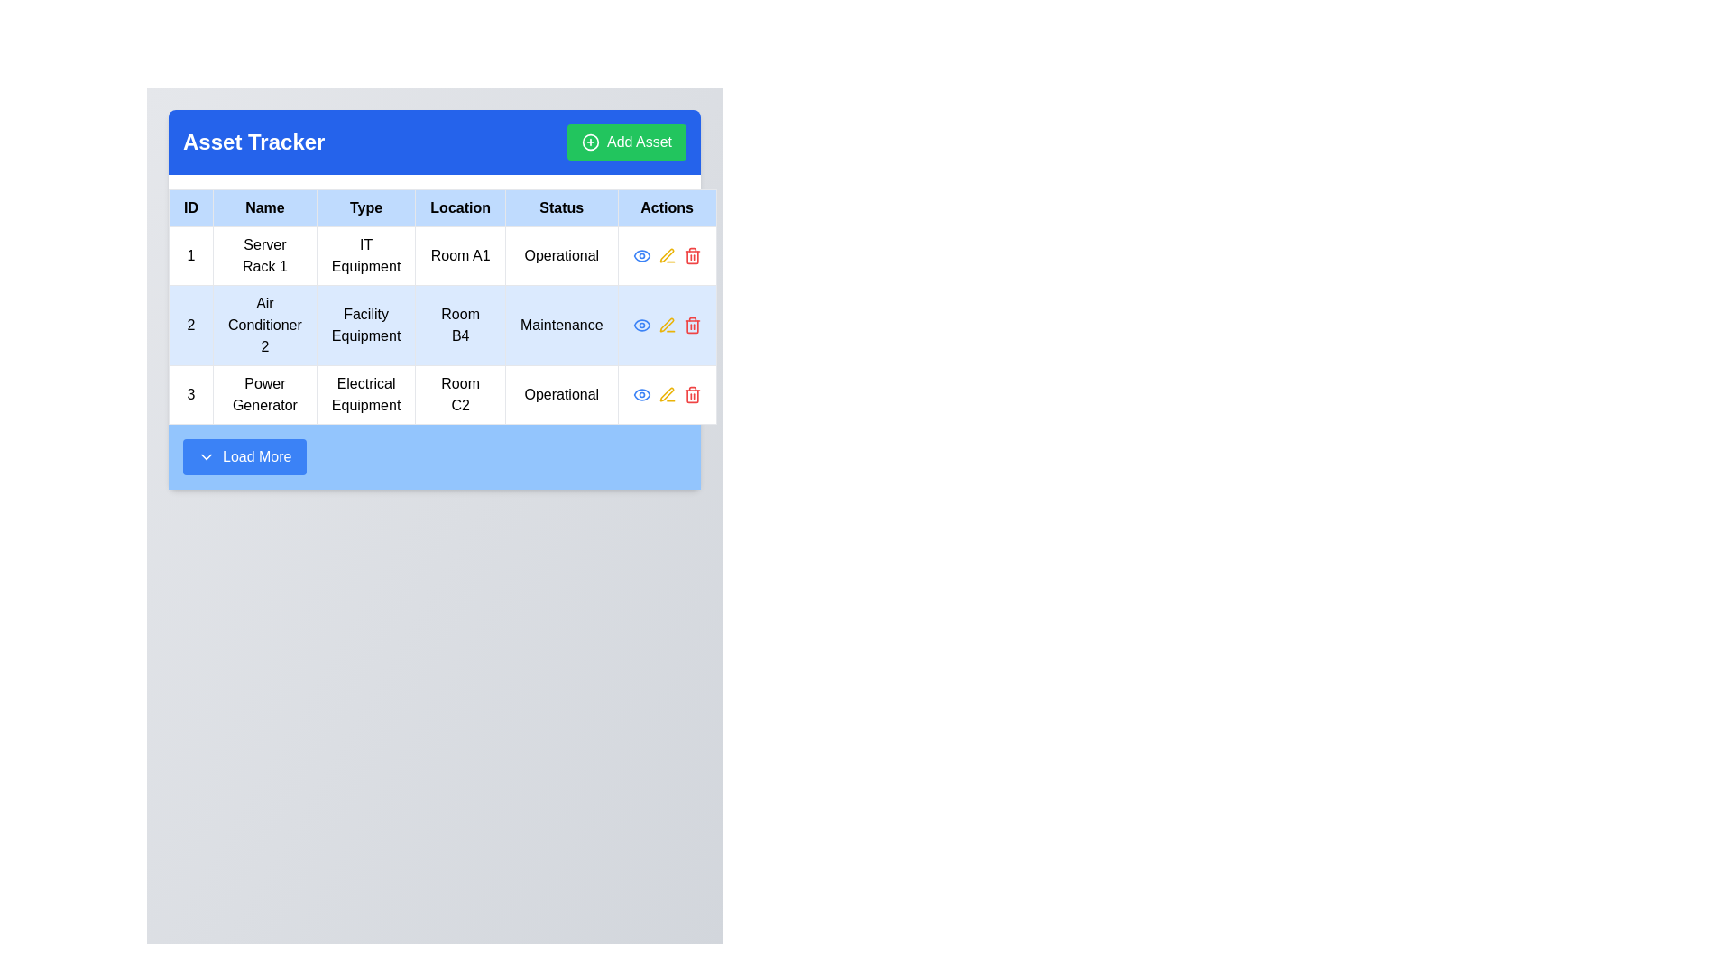 Image resolution: width=1732 pixels, height=974 pixels. Describe the element at coordinates (263, 326) in the screenshot. I see `the static text label displaying 'Air Conditioner 2' in the second row of the 'Name' column under the 'Asset Tracker' header` at that location.